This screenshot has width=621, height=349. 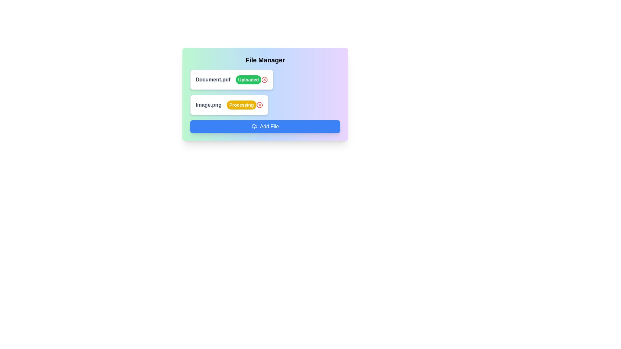 I want to click on the 'Add File' button to add a new file, so click(x=265, y=127).